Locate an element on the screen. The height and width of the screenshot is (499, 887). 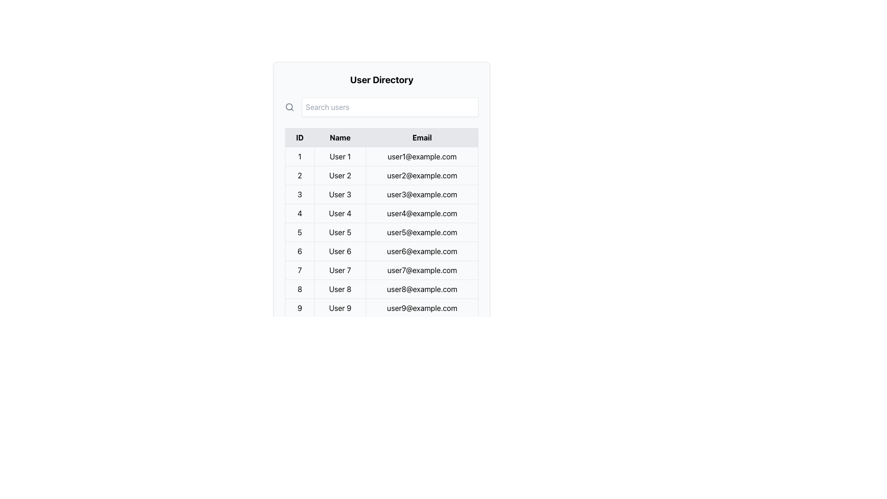
the text label displaying the name of the user associated with ID '7' is located at coordinates (339, 270).